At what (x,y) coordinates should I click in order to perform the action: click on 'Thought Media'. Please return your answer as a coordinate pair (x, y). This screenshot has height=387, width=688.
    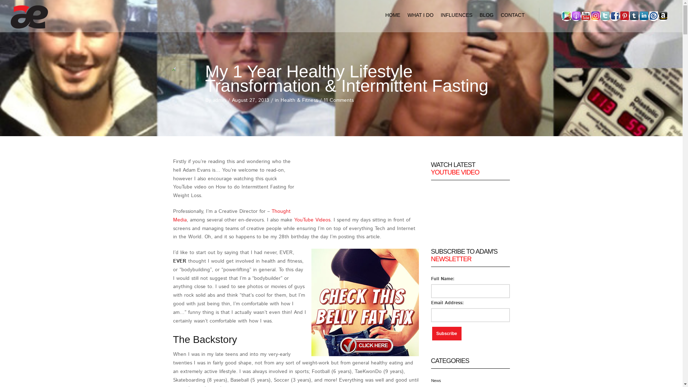
    Looking at the image, I should click on (231, 215).